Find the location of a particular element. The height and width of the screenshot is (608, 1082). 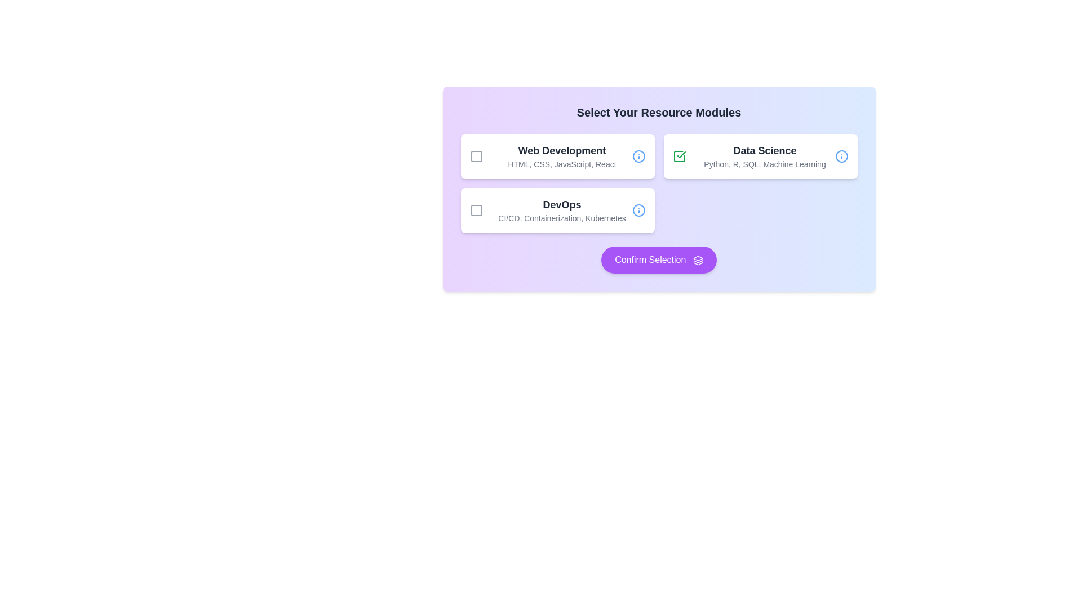

the checkbox icon located at the left edge of the 'DevOps' card is located at coordinates (476, 211).